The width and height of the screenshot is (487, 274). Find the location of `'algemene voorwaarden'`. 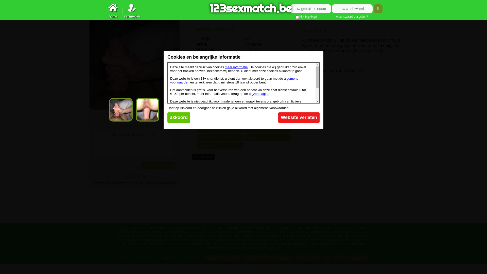

'algemene voorwaarden' is located at coordinates (234, 80).